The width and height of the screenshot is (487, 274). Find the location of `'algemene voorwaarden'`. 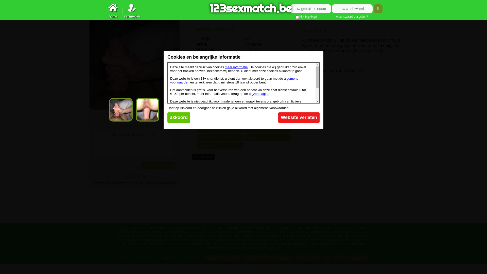

'algemene voorwaarden' is located at coordinates (234, 80).